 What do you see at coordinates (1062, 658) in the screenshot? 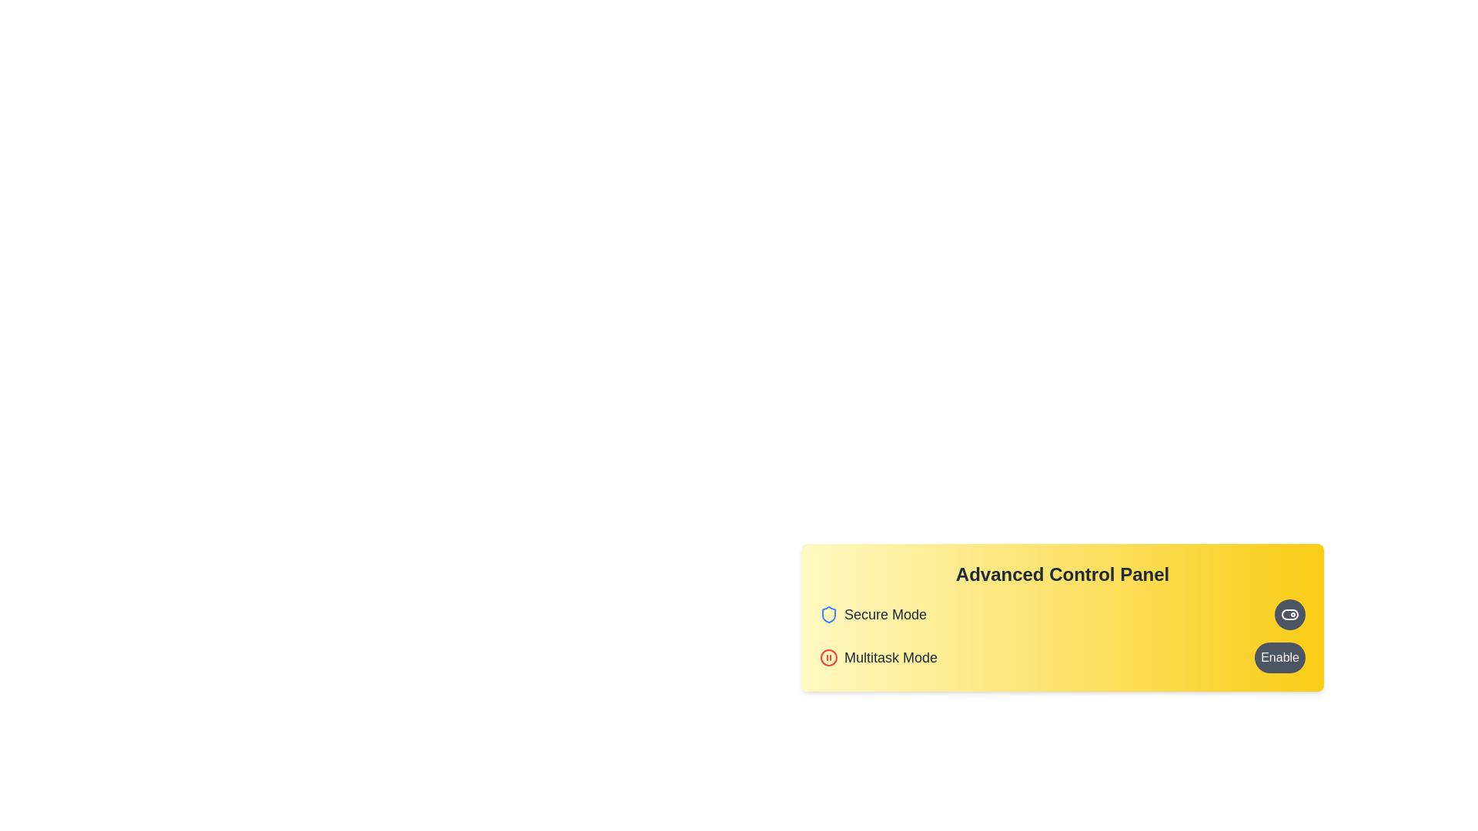
I see `the interactive section labeled 'Multitask Mode' which contains the 'Enable' button, located under the 'Advanced Control Panel' and beneath 'Secure Mode'` at bounding box center [1062, 658].